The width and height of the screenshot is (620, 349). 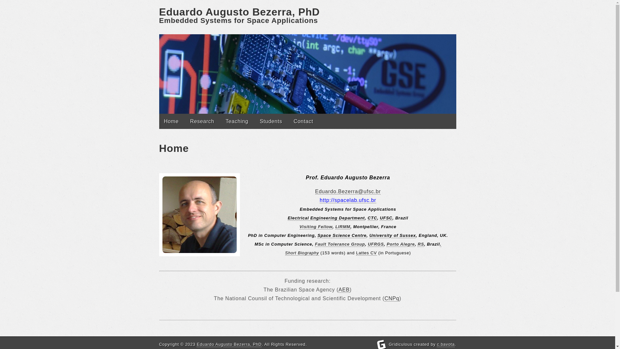 What do you see at coordinates (386, 244) in the screenshot?
I see `'Porto Alegre'` at bounding box center [386, 244].